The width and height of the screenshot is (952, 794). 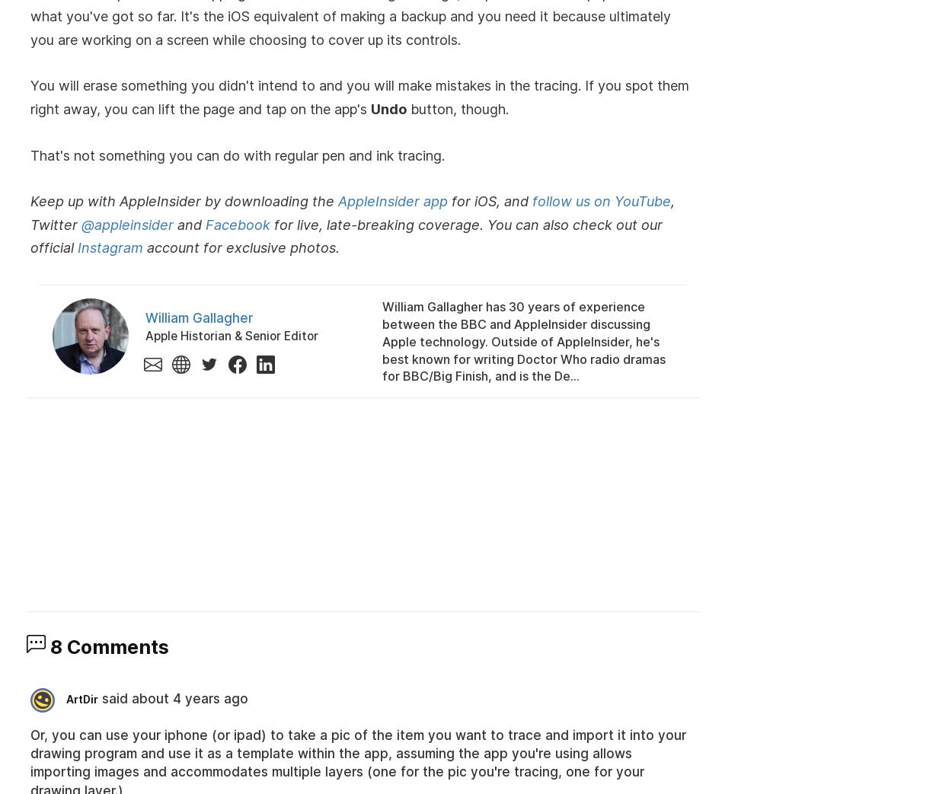 I want to click on 'You will erase something you didn't intend to and you will make mistakes in the tracing. If you spot them right away, you can lift the page and tap on the app's', so click(x=30, y=97).